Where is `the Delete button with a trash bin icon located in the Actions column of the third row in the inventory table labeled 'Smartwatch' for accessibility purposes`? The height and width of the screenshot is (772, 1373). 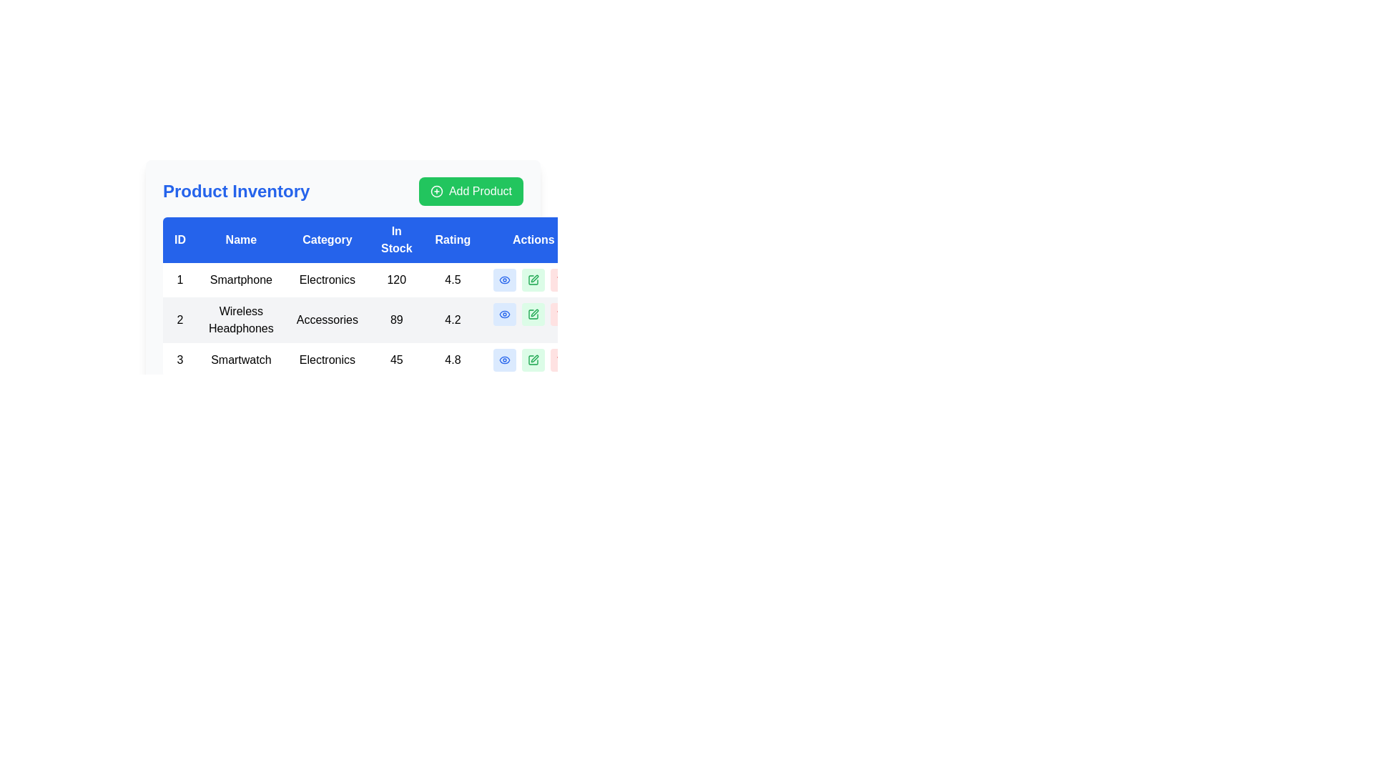 the Delete button with a trash bin icon located in the Actions column of the third row in the inventory table labeled 'Smartwatch' for accessibility purposes is located at coordinates (561, 360).